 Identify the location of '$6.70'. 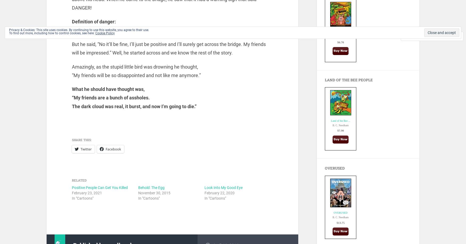
(340, 42).